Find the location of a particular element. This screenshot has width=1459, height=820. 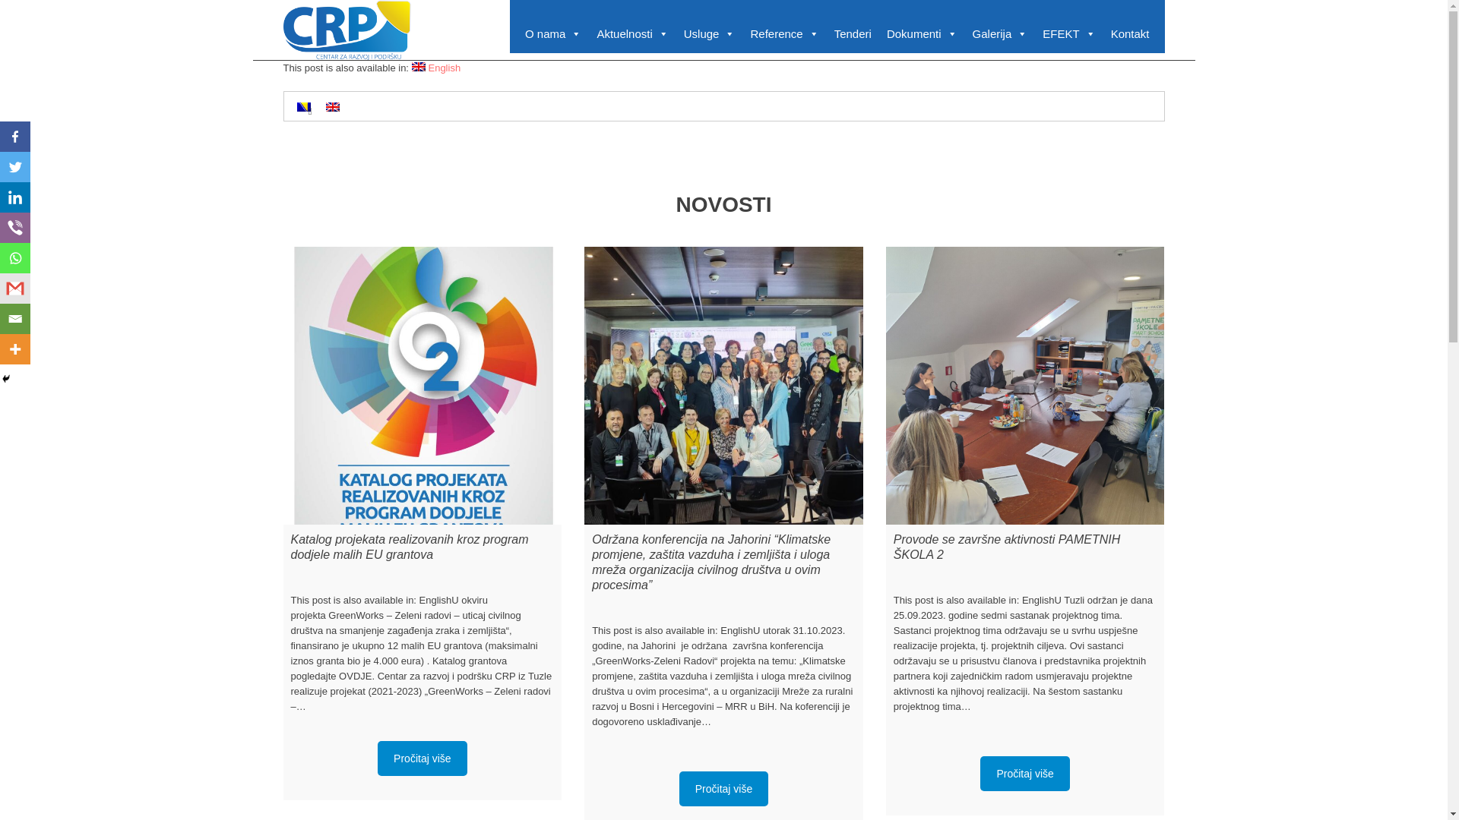

'EFEKT' is located at coordinates (1068, 34).